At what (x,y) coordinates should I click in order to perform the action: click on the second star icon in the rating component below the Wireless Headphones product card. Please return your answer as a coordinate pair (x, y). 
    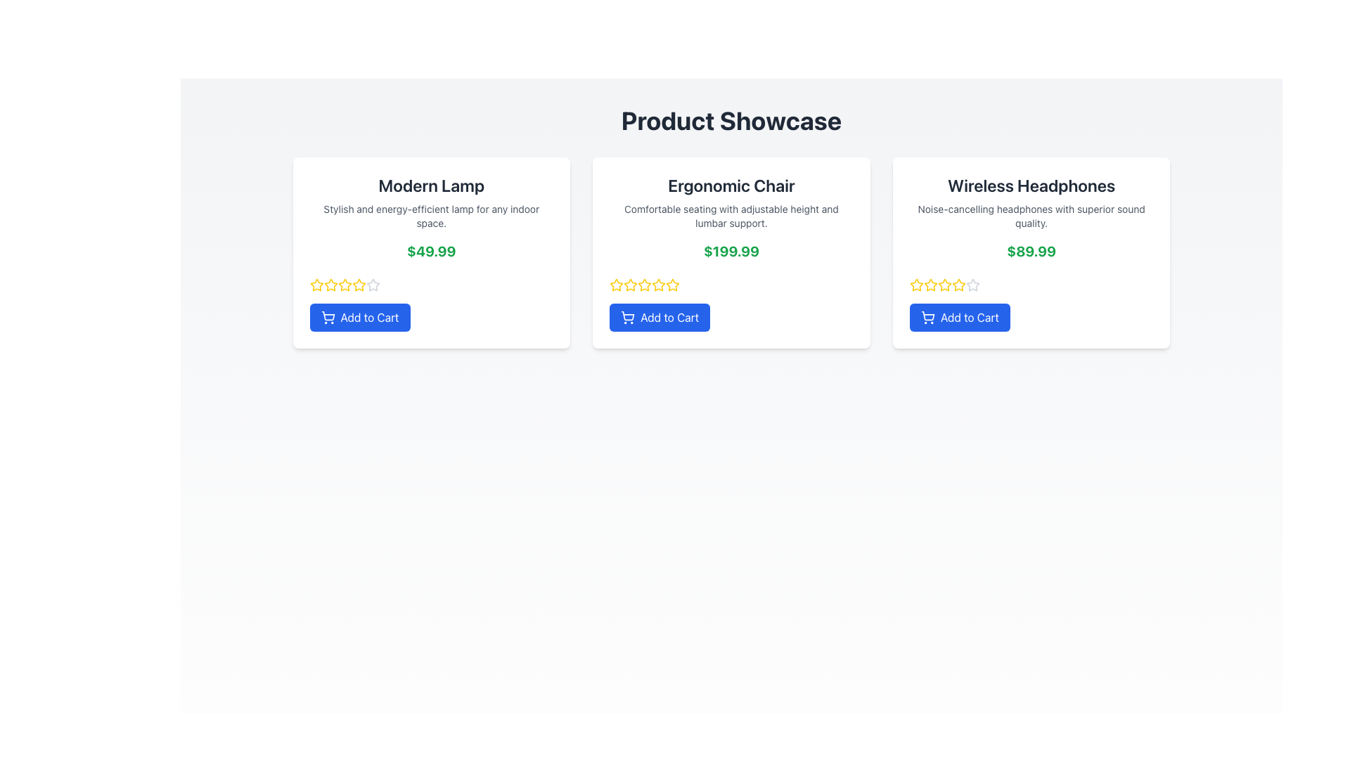
    Looking at the image, I should click on (930, 285).